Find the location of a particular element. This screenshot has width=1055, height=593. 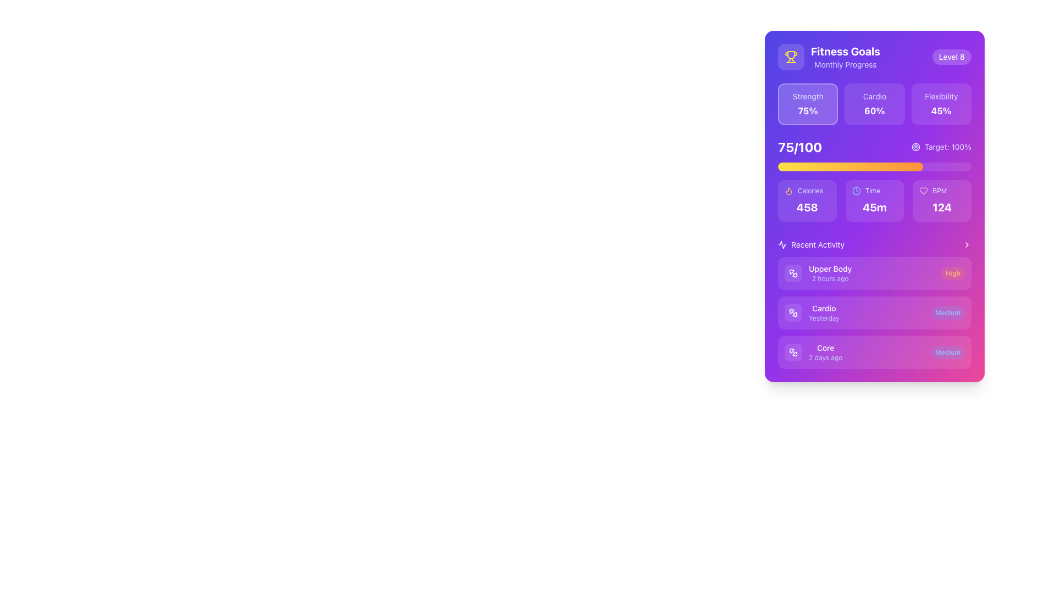

the largest circular SVG graphical element in the target icon, located near the 'Target: 100%' label in the fitness card interface is located at coordinates (915, 146).